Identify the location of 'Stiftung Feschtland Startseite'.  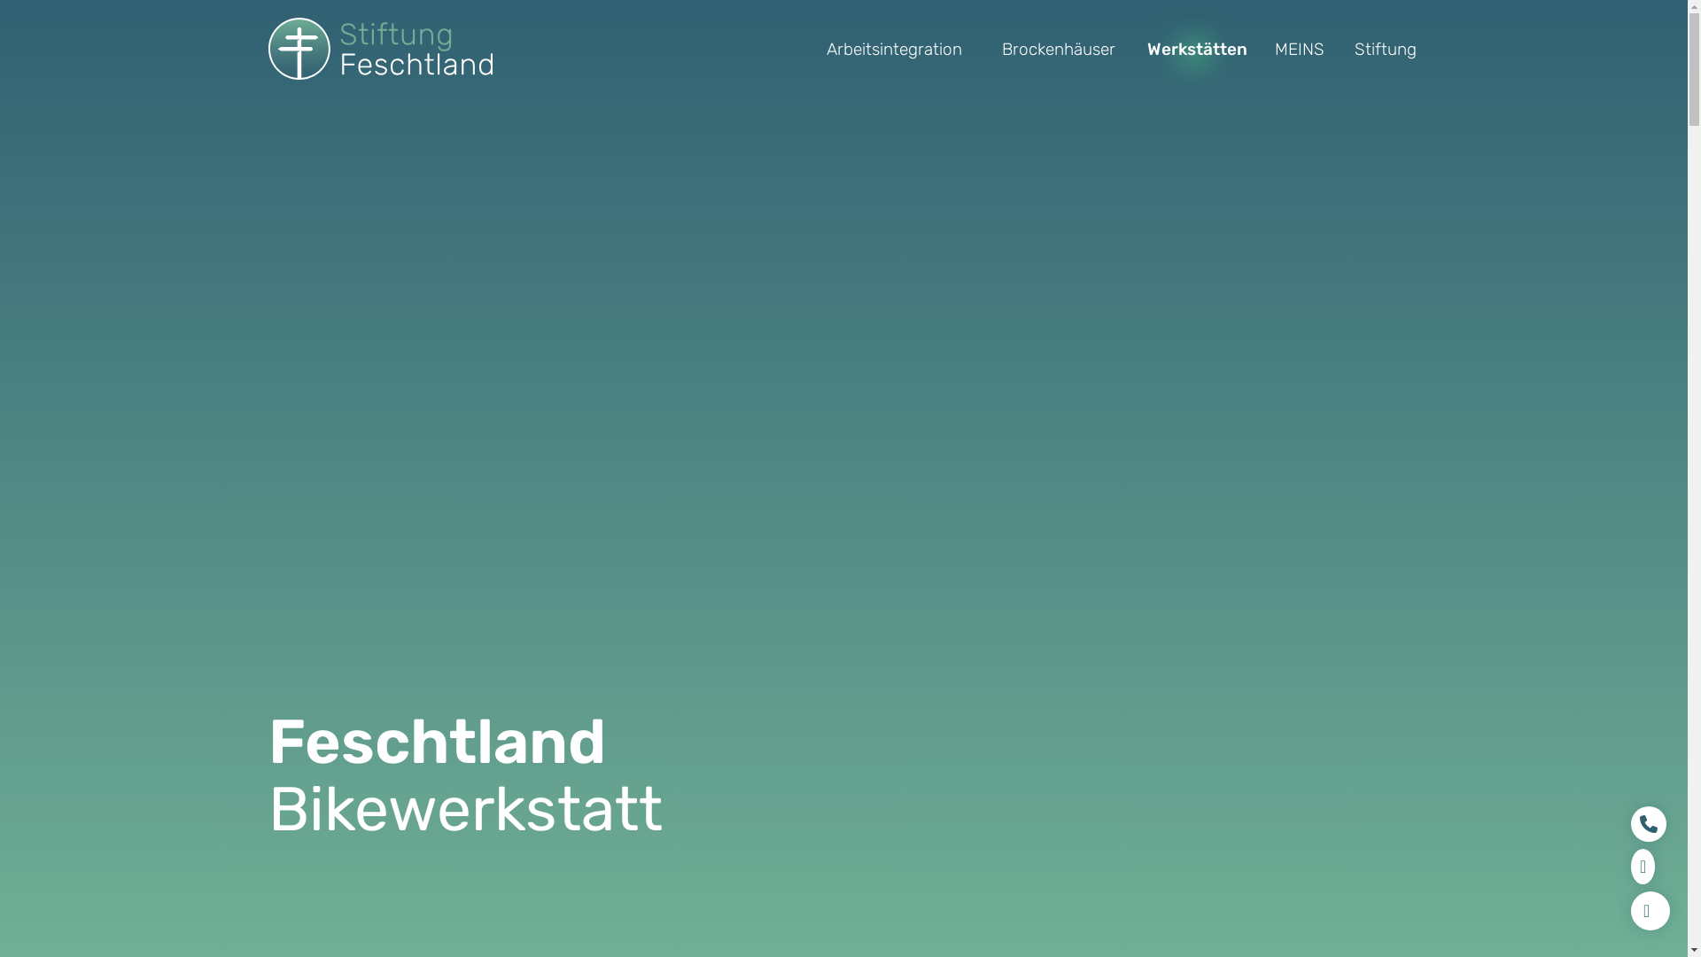
(378, 47).